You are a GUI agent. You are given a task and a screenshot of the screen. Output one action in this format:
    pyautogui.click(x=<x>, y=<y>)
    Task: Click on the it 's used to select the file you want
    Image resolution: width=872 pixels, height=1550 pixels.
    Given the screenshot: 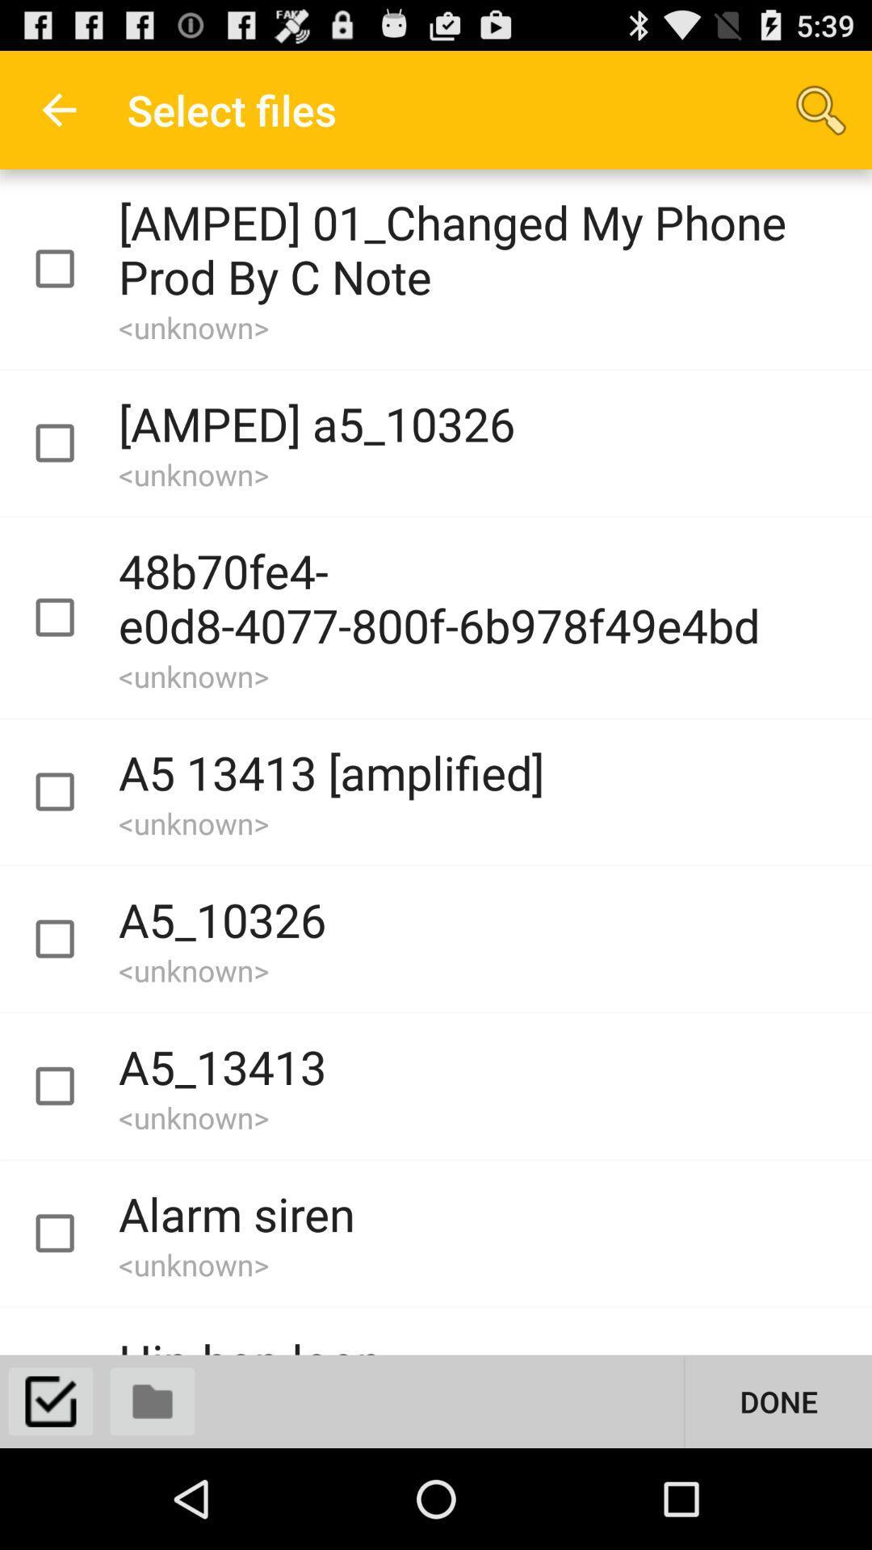 What is the action you would take?
    pyautogui.click(x=69, y=617)
    